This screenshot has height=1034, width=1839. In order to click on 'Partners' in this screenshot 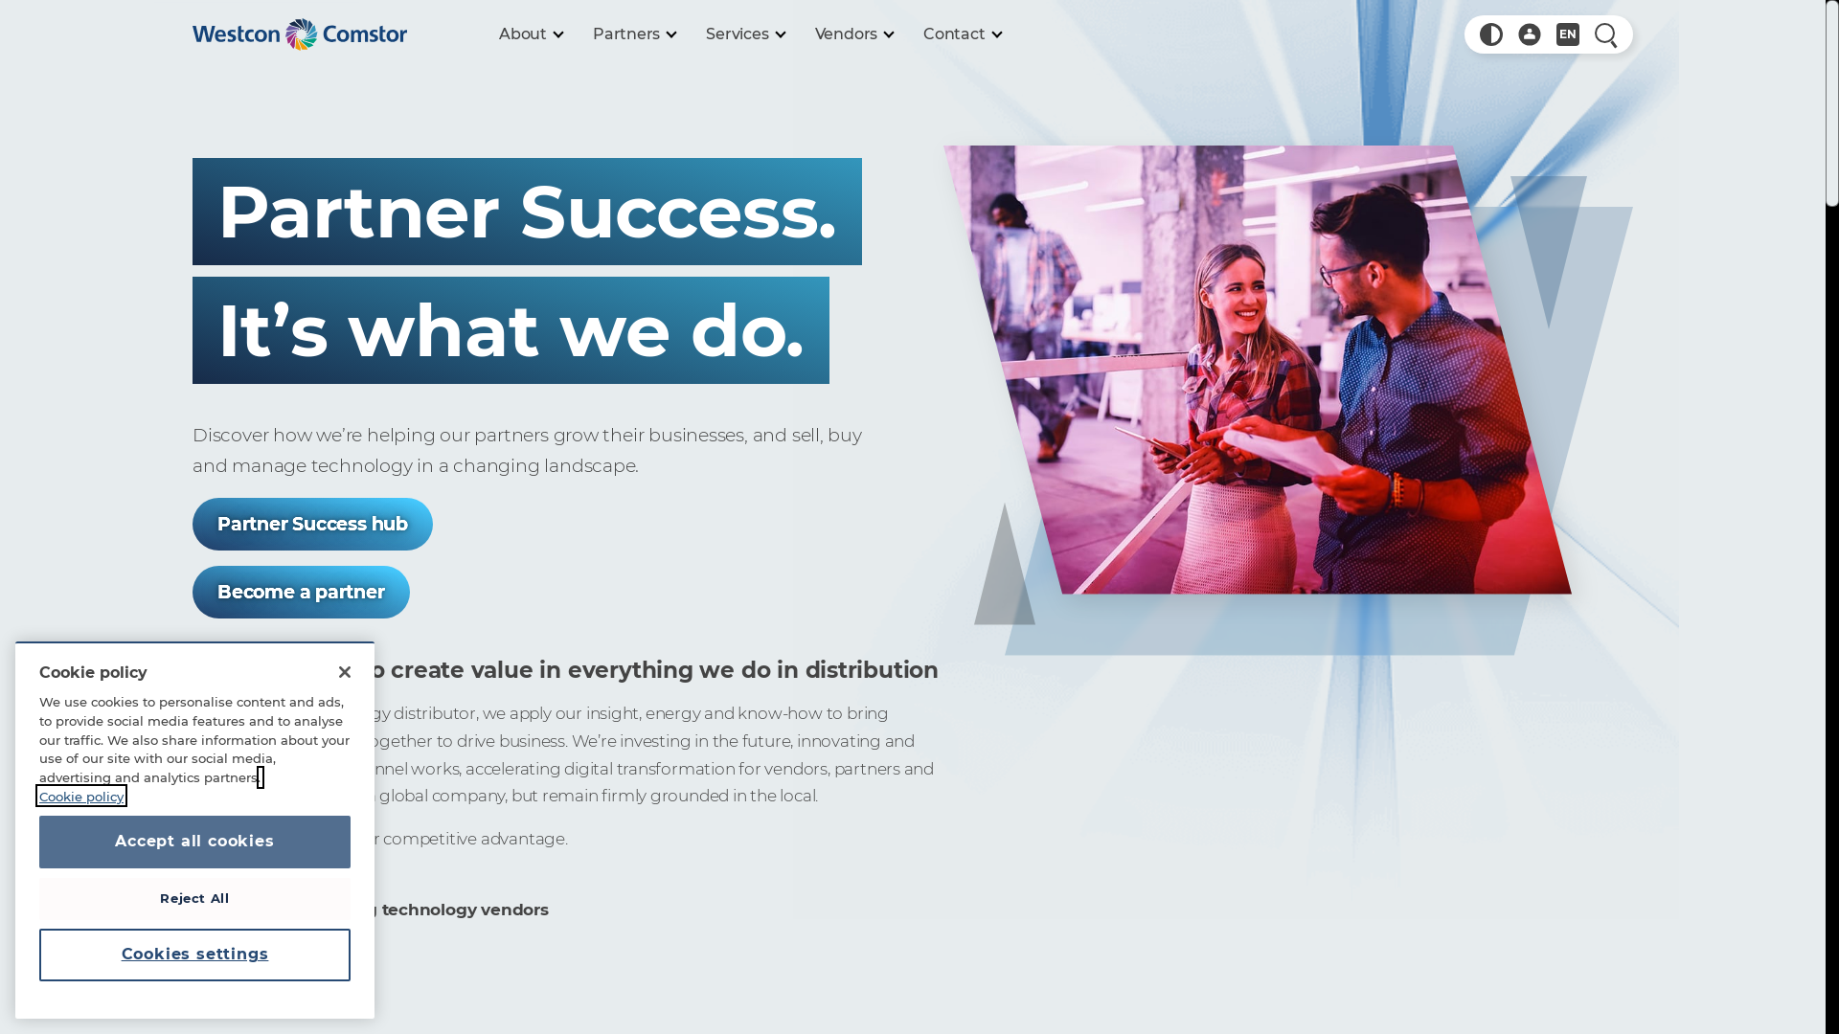, I will do `click(634, 34)`.